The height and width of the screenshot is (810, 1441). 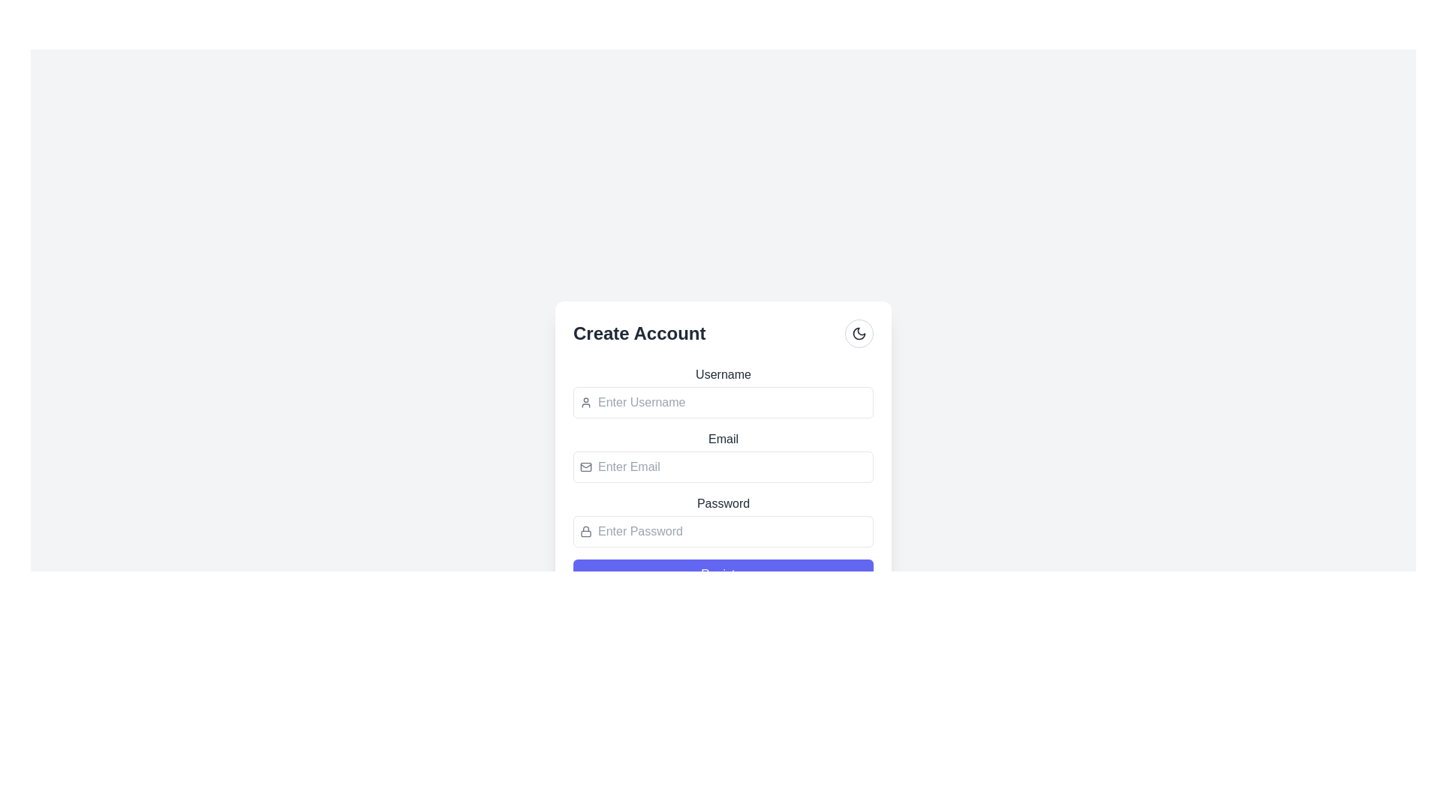 I want to click on the 'Email' text label, which is styled in a medium-weight font and positioned just above the email input field within the form, so click(x=724, y=439).